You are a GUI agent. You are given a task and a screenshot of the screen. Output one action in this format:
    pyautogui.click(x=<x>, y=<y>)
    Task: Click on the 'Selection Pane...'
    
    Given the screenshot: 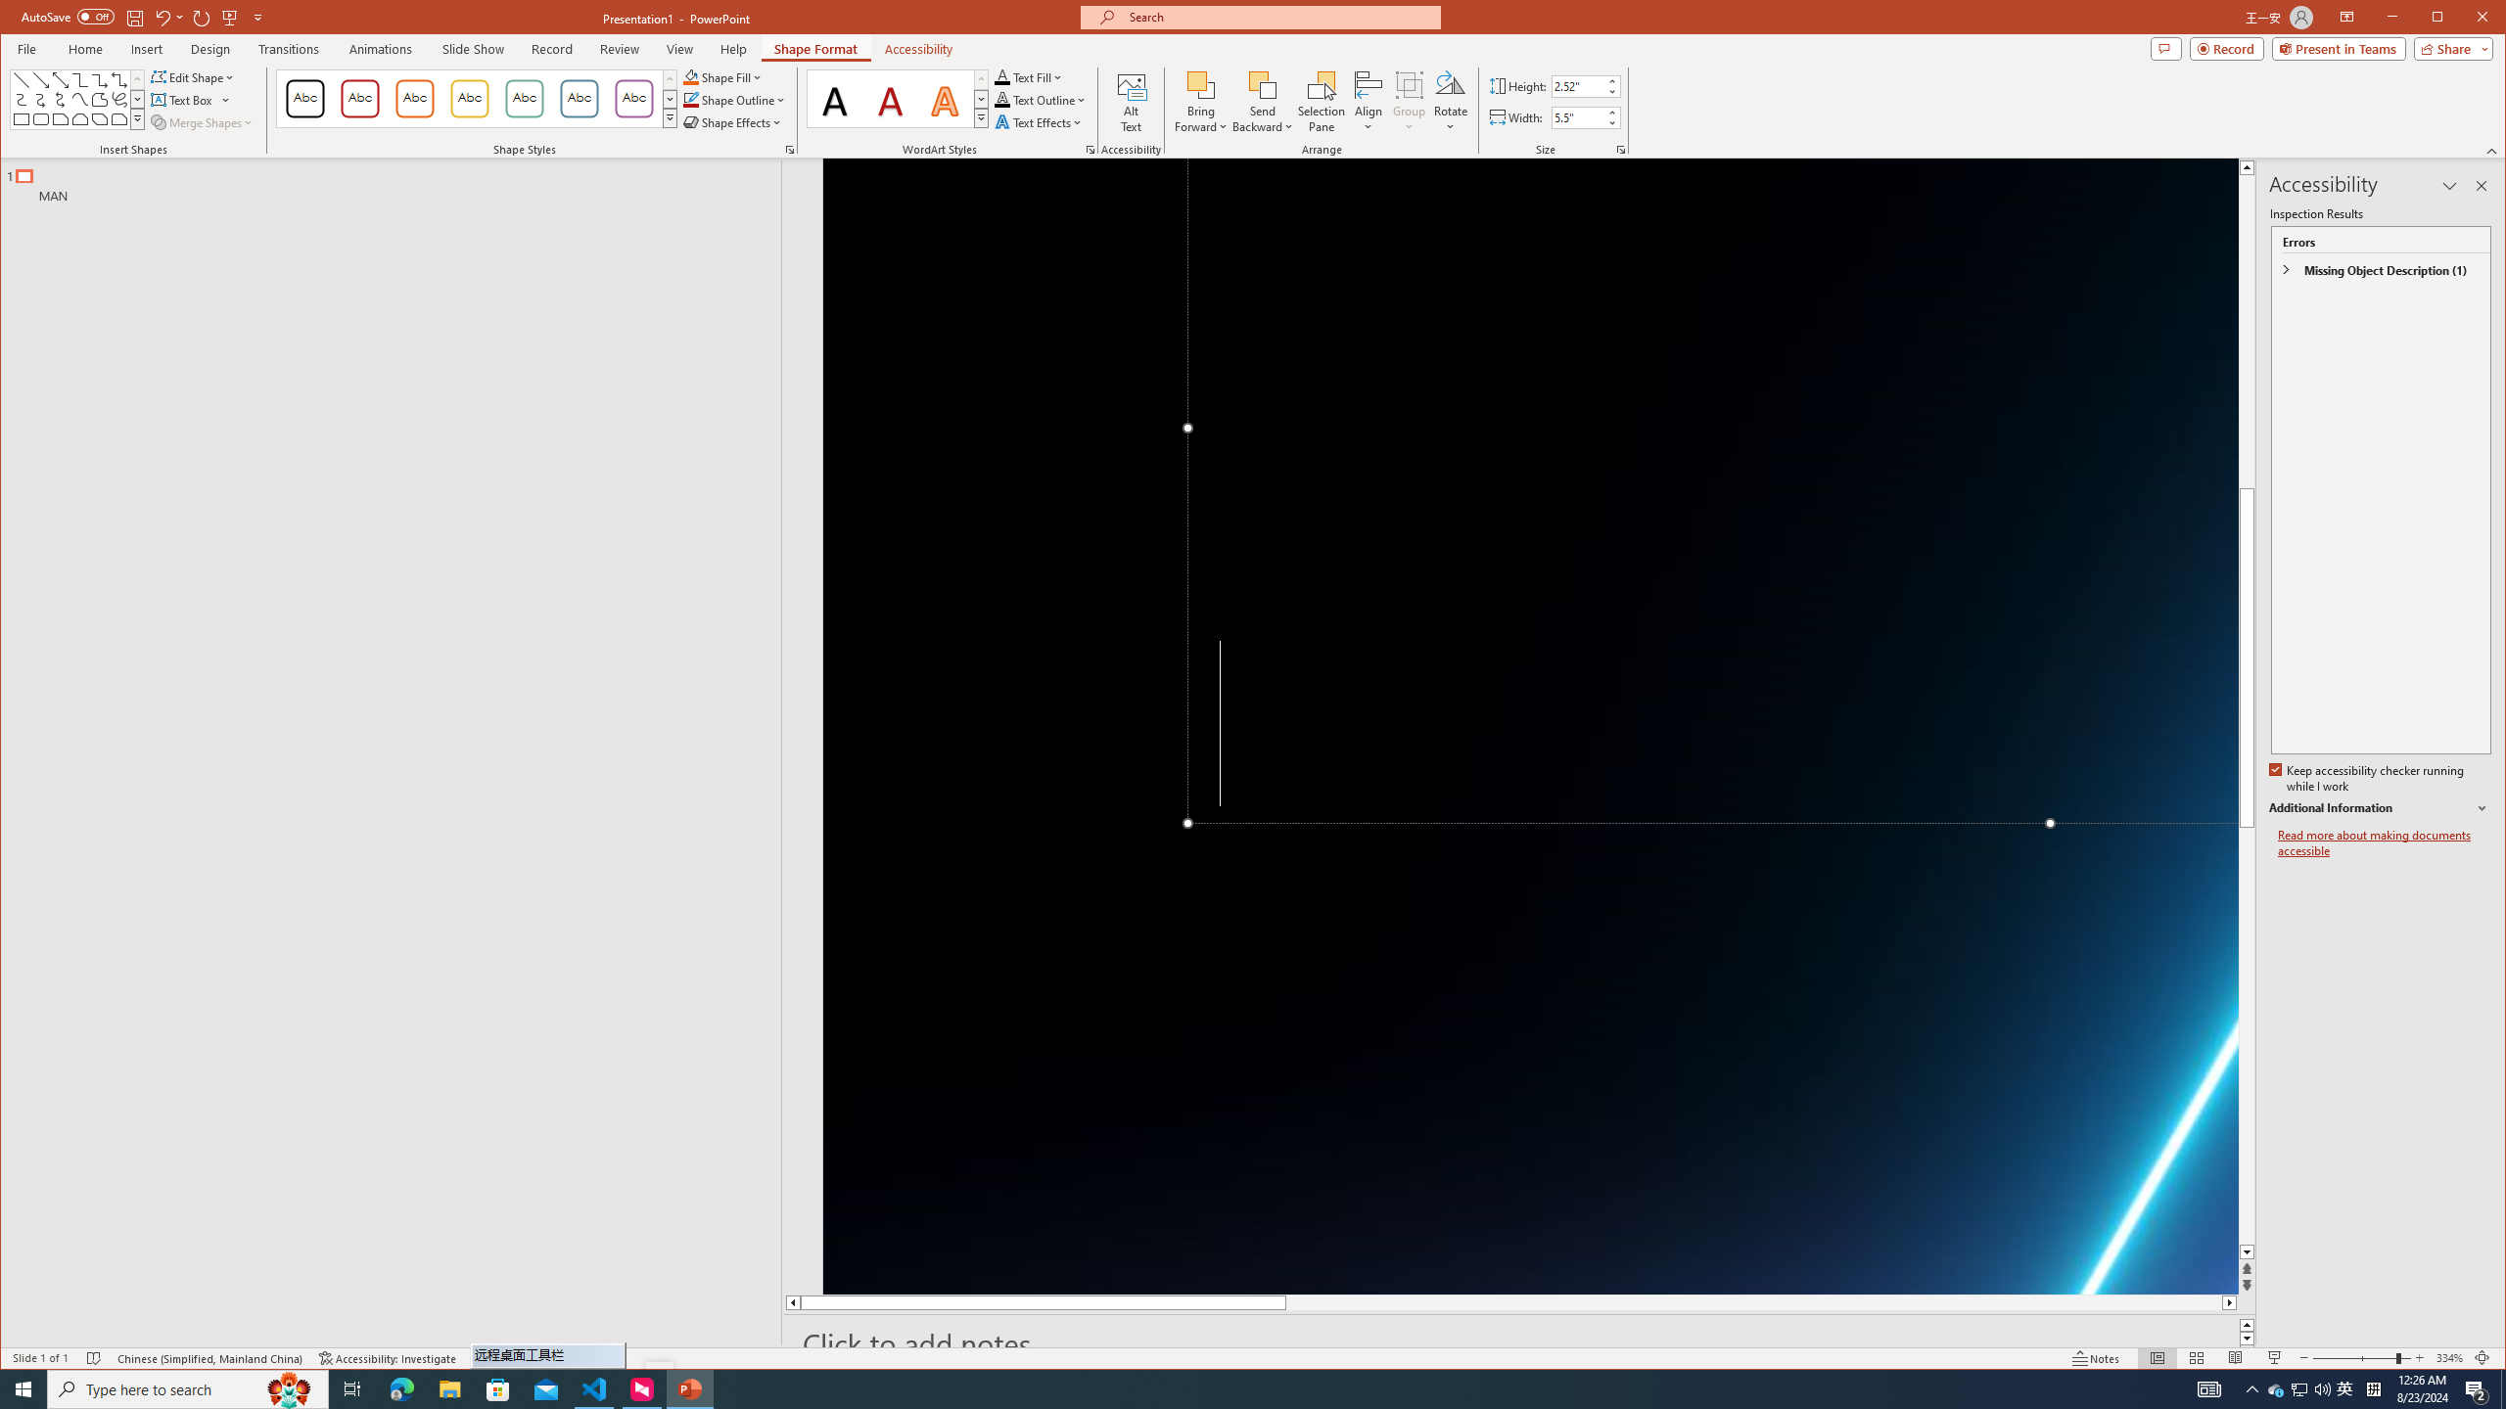 What is the action you would take?
    pyautogui.click(x=1321, y=101)
    